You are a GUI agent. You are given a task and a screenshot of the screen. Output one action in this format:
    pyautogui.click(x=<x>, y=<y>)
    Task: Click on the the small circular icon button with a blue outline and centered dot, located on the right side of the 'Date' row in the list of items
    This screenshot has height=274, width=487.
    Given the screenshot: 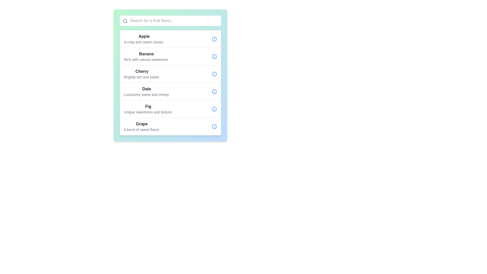 What is the action you would take?
    pyautogui.click(x=214, y=92)
    